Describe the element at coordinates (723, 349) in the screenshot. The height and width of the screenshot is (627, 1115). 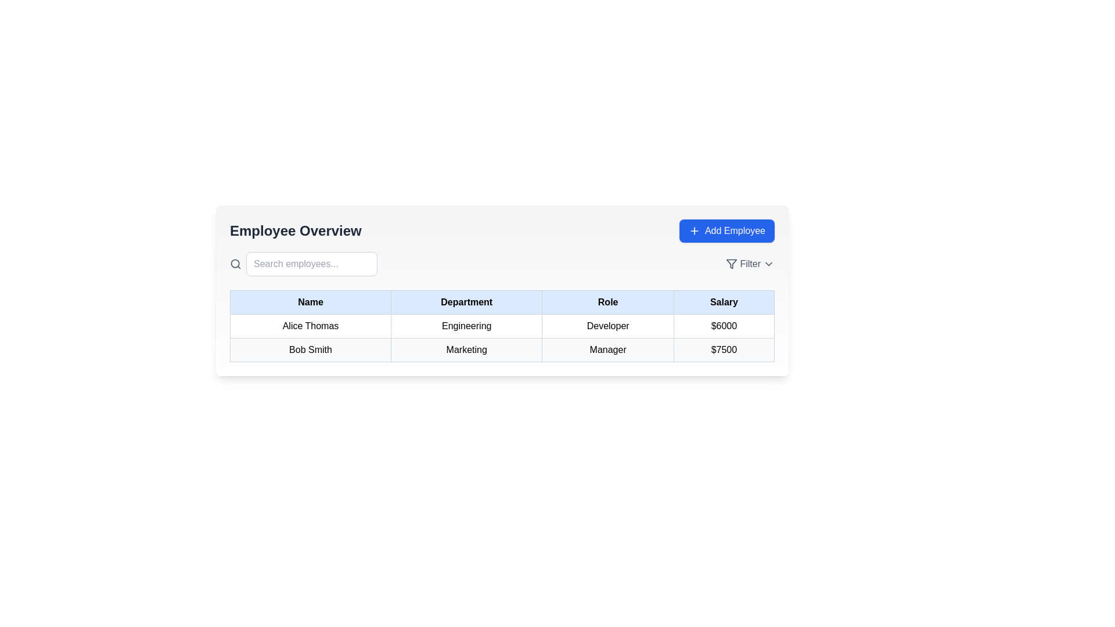
I see `the table cell displaying the salary of employee 'Bob Smith', located in the fourth column of the second row under the 'Salary' header` at that location.